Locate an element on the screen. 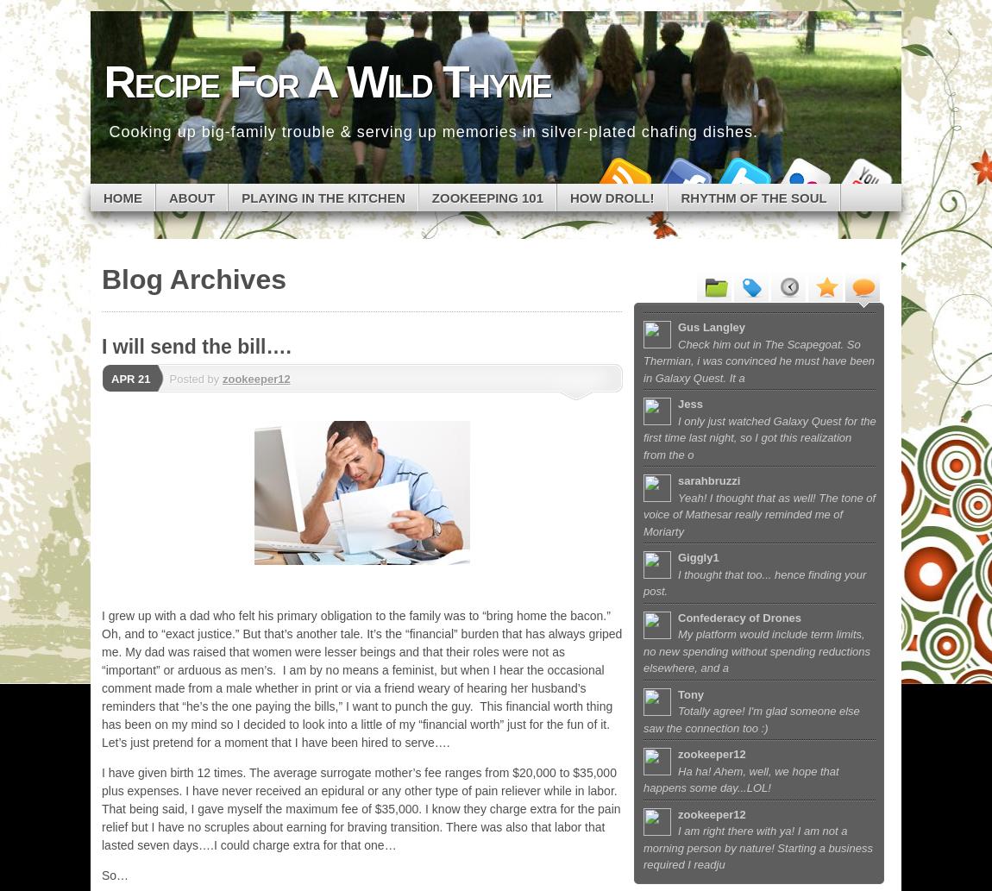  'zookeeper12' is located at coordinates (221, 379).